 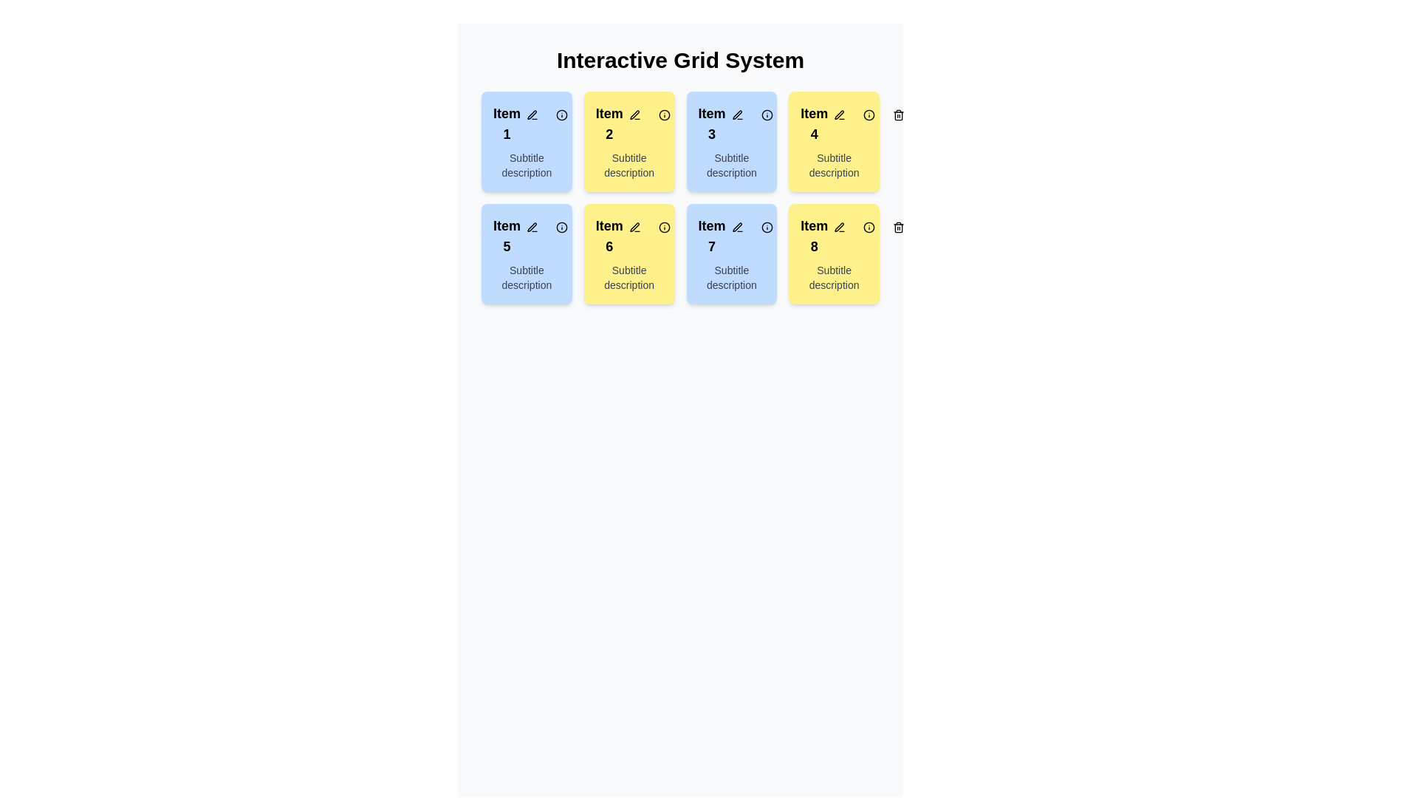 What do you see at coordinates (663, 228) in the screenshot?
I see `the circular icon button located to the right of the small pencil icon within the 'Item 6' card` at bounding box center [663, 228].